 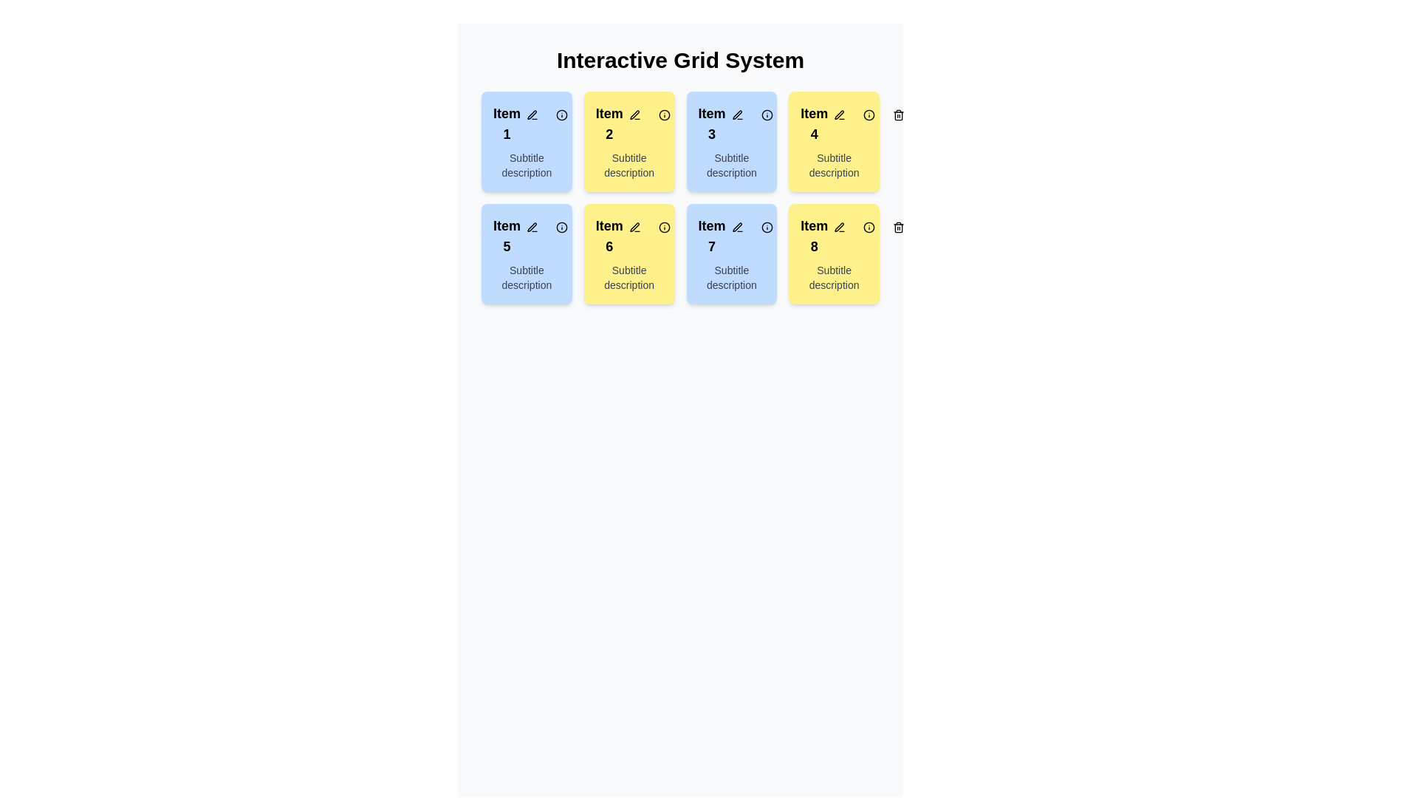 What do you see at coordinates (663, 228) in the screenshot?
I see `the circular icon button located to the right of the small pencil icon within the 'Item 6' card` at bounding box center [663, 228].